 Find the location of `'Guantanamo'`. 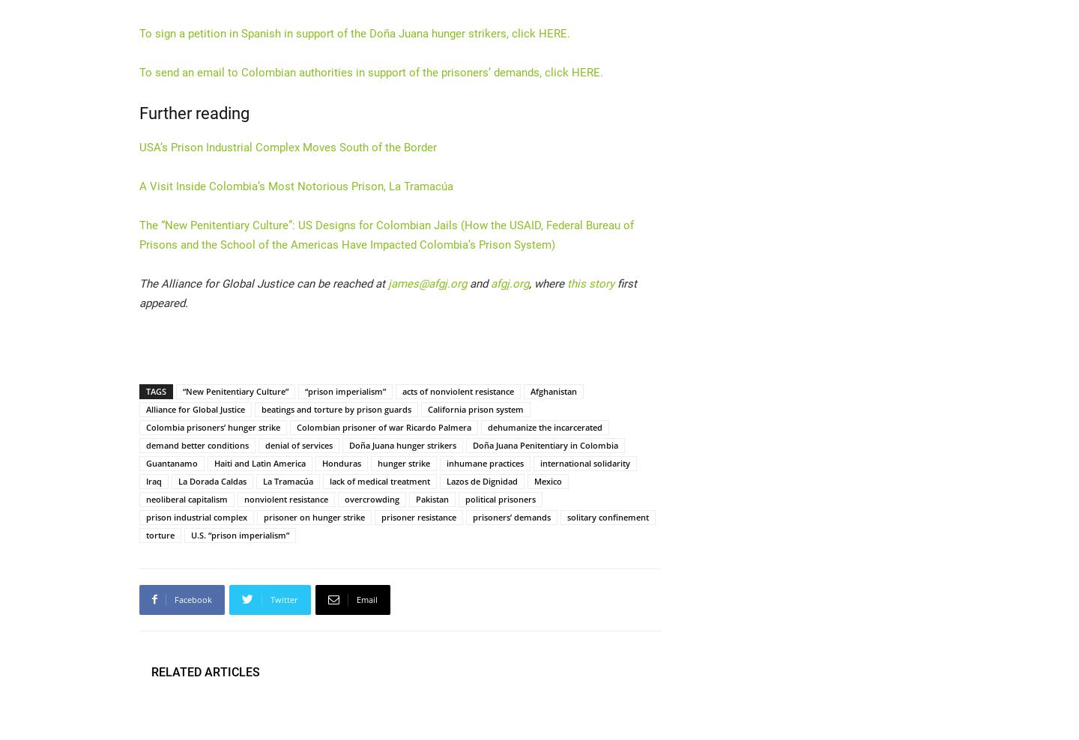

'Guantanamo' is located at coordinates (172, 462).